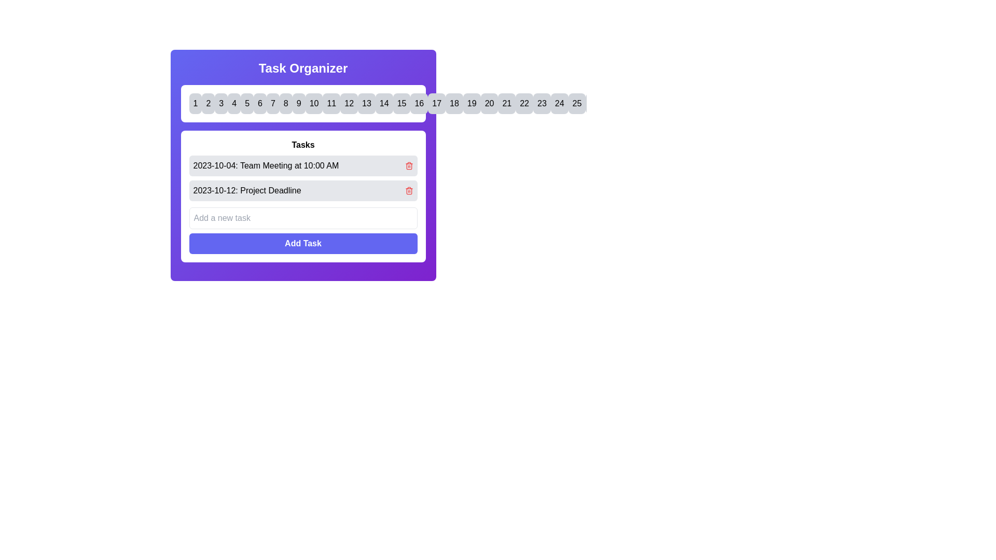 The width and height of the screenshot is (996, 560). I want to click on the rounded rectangular button labeled '20' with a gray background, so click(489, 104).